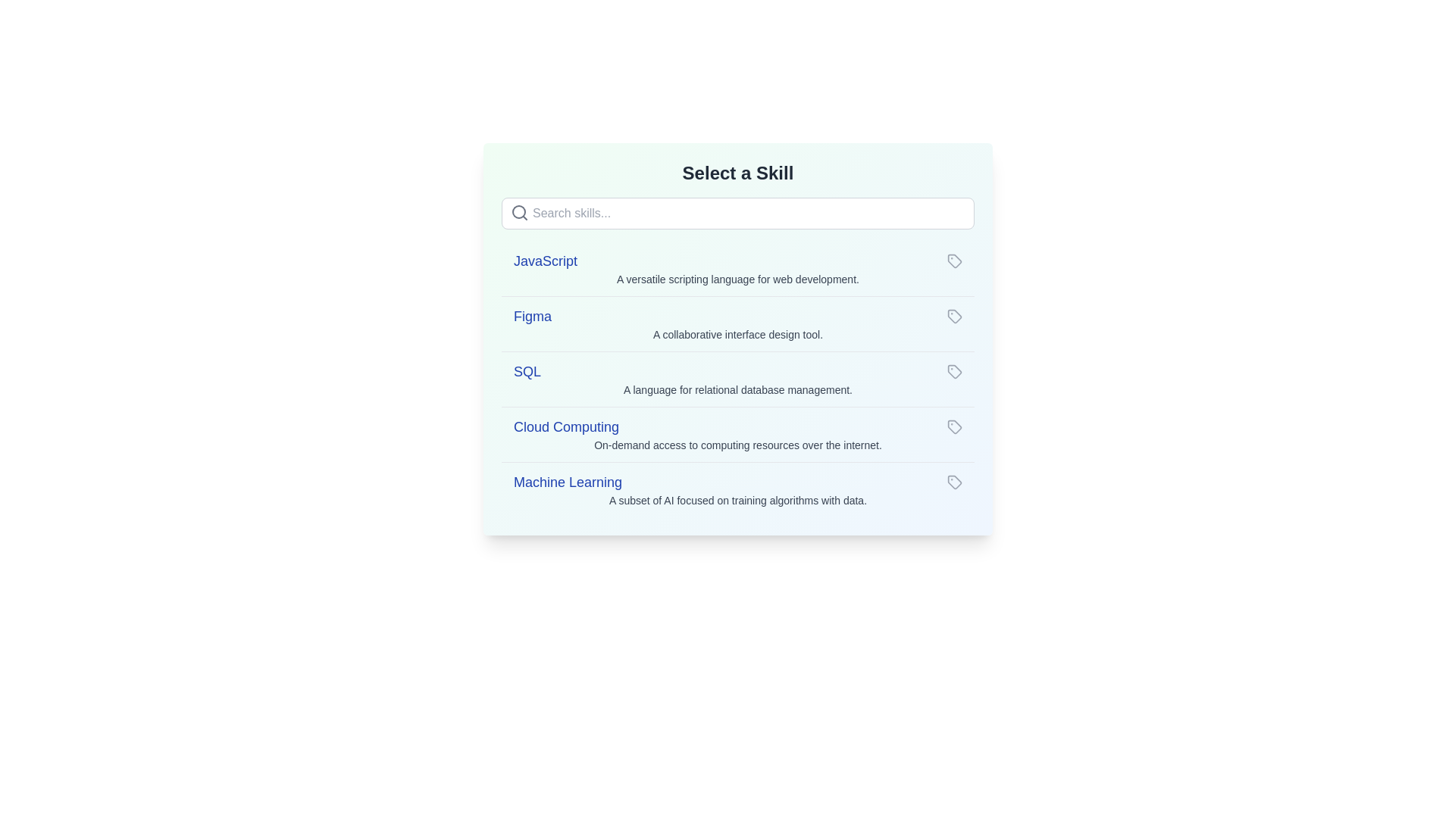  I want to click on the third selectable item in the vertically grouped list, which has a bold blue title and a smaller gray subtitle, so click(738, 379).